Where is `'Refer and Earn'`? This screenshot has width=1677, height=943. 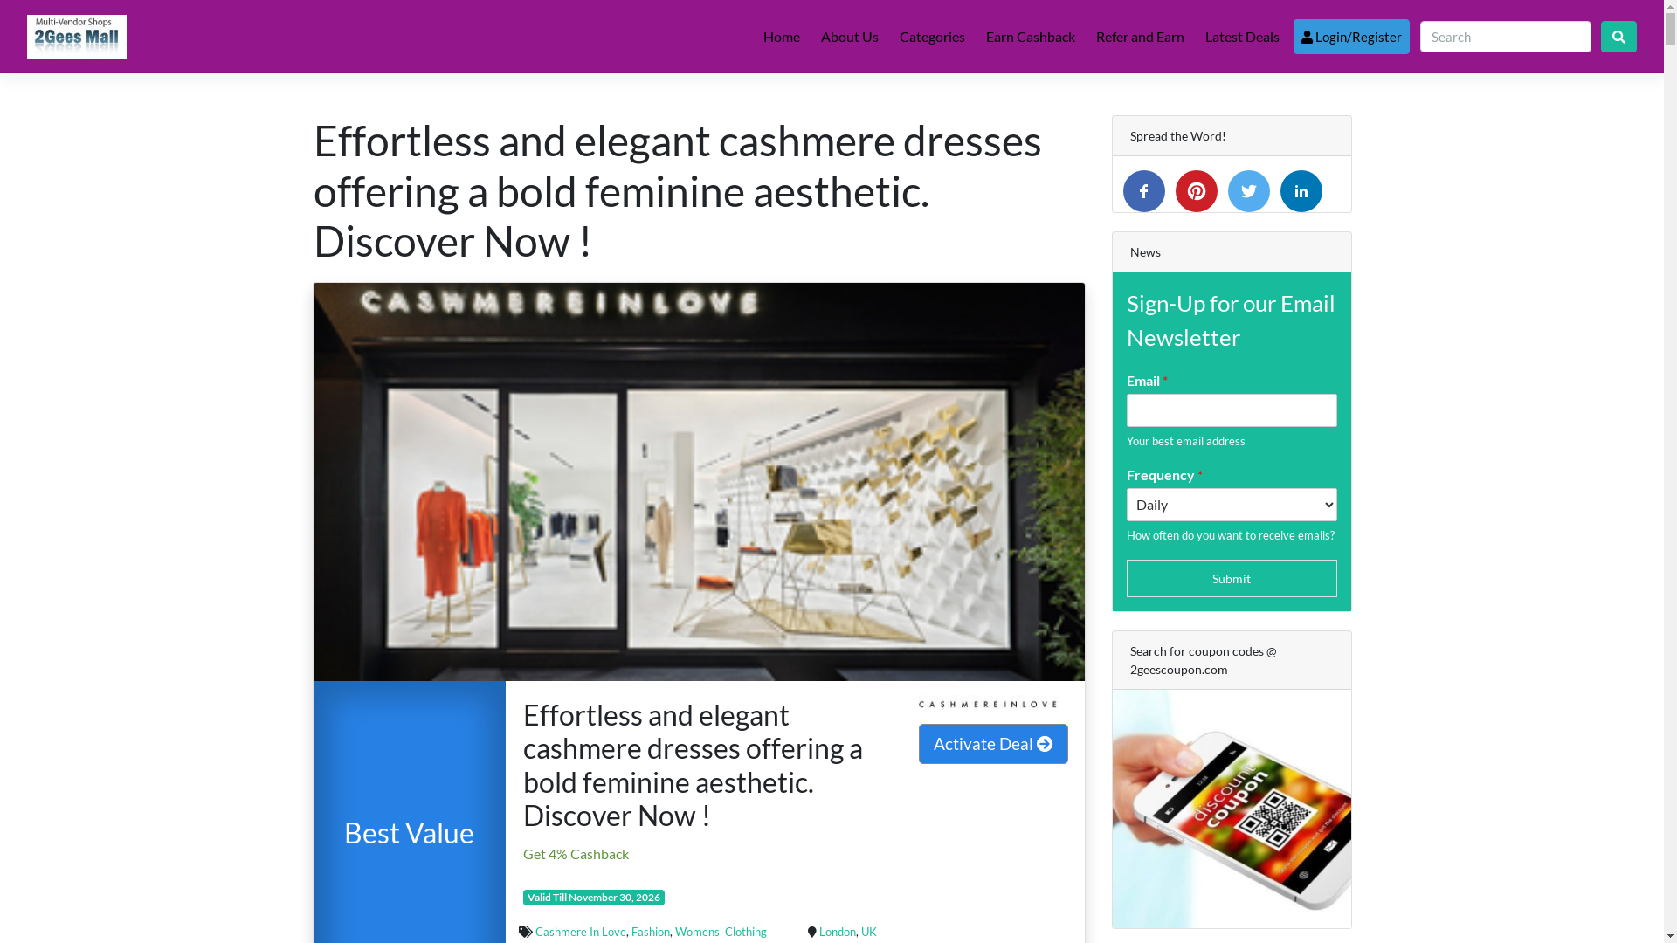 'Refer and Earn' is located at coordinates (1140, 37).